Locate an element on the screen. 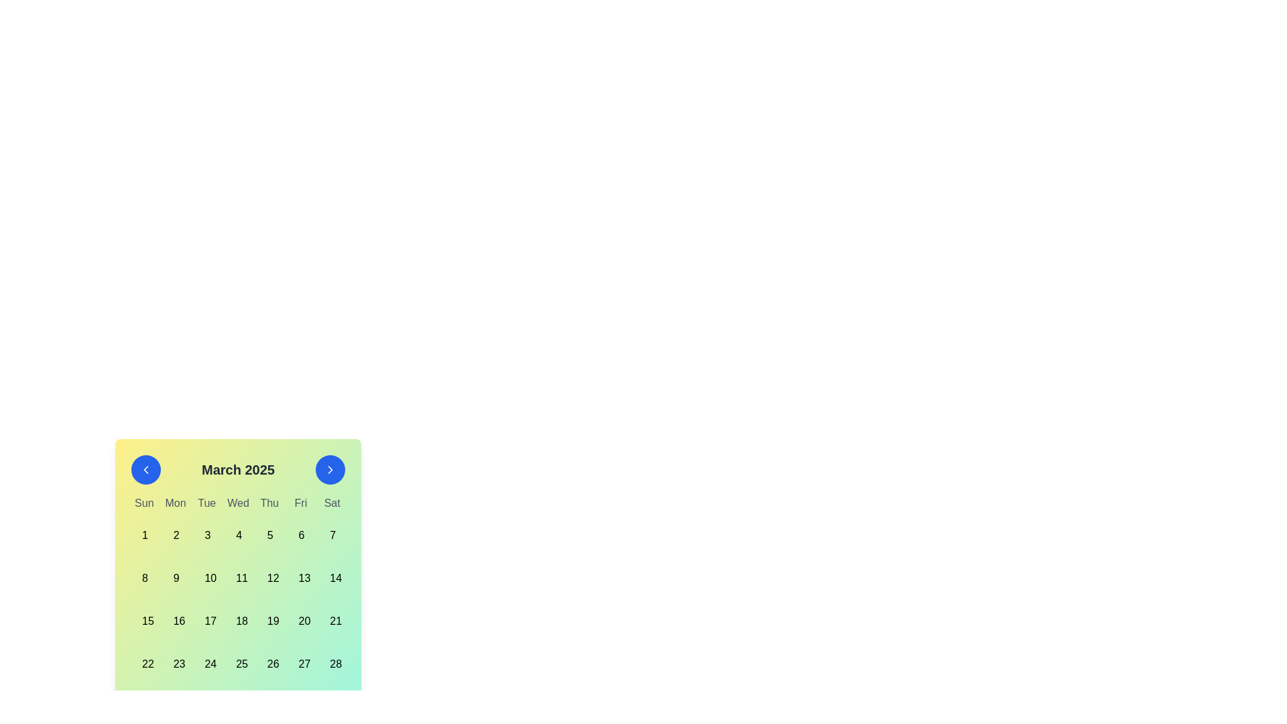 The height and width of the screenshot is (724, 1287). the date label displaying 'March 2025', which is centrally located in the calendar header and styled with a bold, large font and dark gray color is located at coordinates (238, 469).